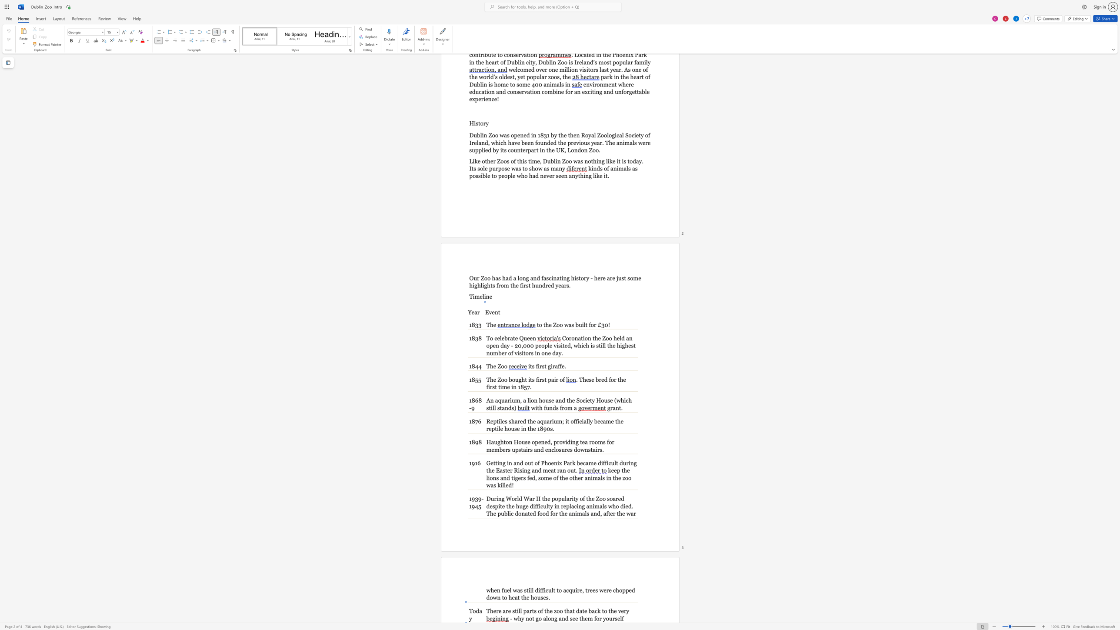 This screenshot has height=630, width=1120. What do you see at coordinates (532, 337) in the screenshot?
I see `the space between the continuous character "e" and "n" in the text` at bounding box center [532, 337].